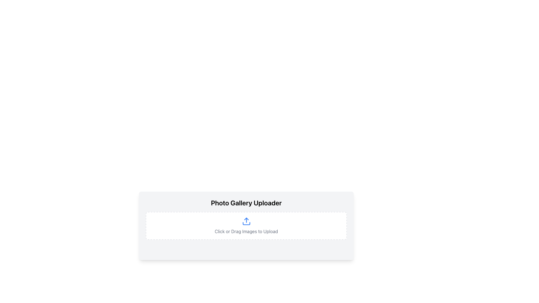  I want to click on the Interactive upload area with a light-gray background, rounded edges, and a dashed rectangular border containing a blue upward arrow and the text 'Click or Drag Images to Upload', so click(246, 226).